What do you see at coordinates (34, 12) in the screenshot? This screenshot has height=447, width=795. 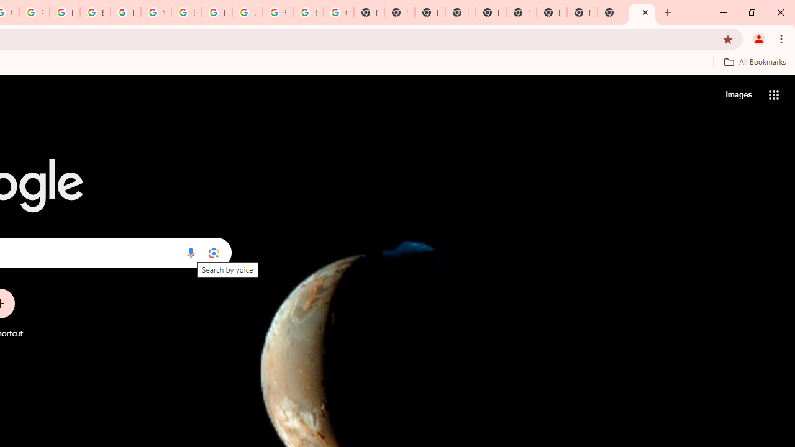 I see `'Privacy Help Center - Policies Help'` at bounding box center [34, 12].